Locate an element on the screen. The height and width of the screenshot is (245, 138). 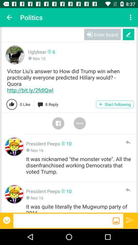
reply to comment is located at coordinates (128, 142).